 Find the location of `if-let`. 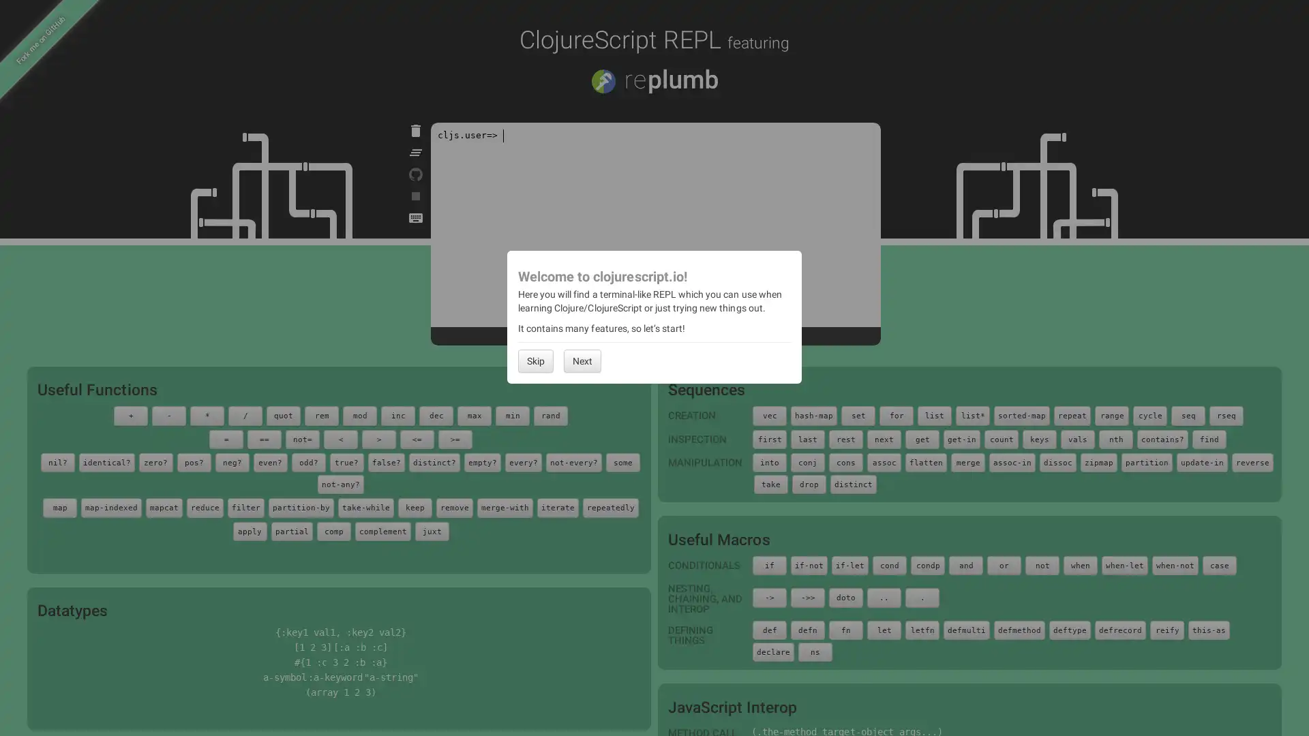

if-let is located at coordinates (849, 565).